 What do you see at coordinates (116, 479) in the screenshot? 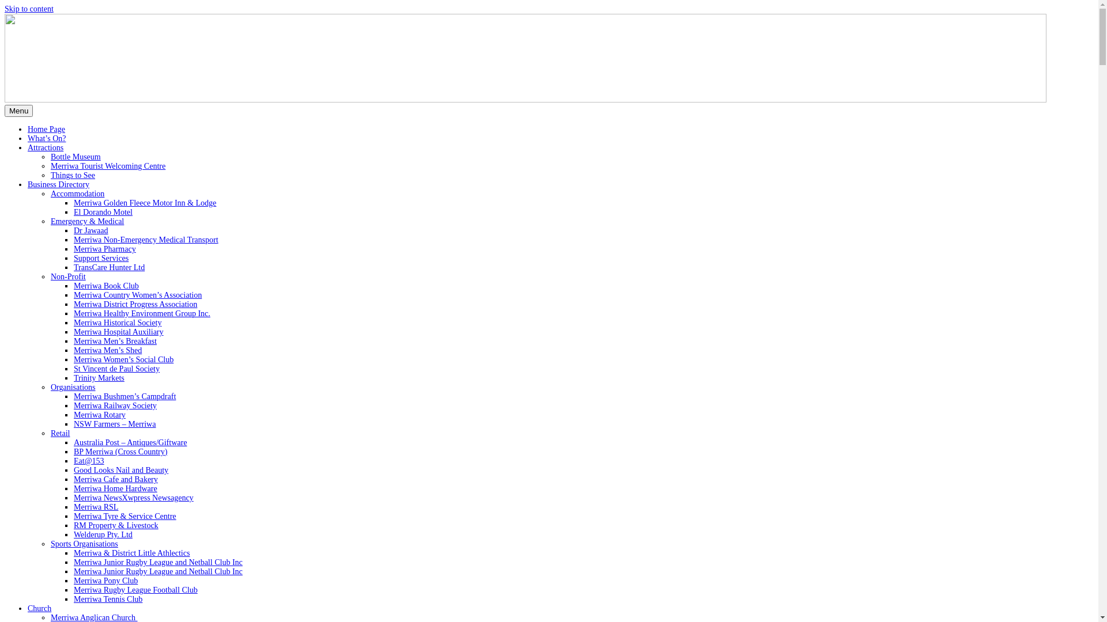
I see `'Merriwa Cafe and Bakery'` at bounding box center [116, 479].